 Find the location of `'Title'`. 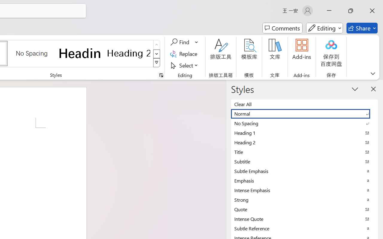

'Title' is located at coordinates (304, 151).